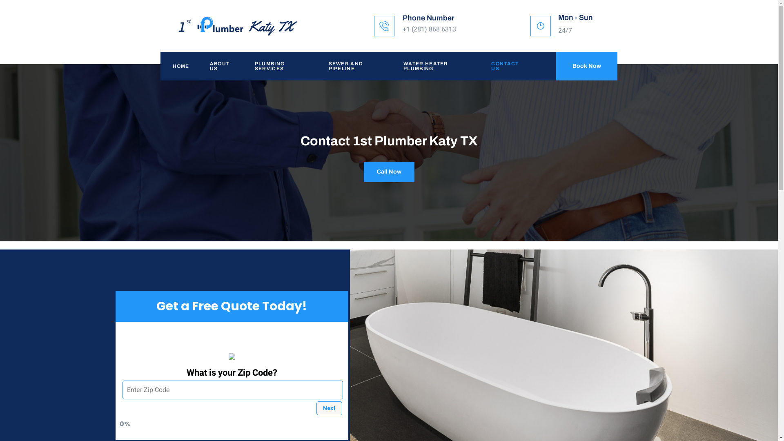 The image size is (784, 441). What do you see at coordinates (220, 66) in the screenshot?
I see `'ABOUT US'` at bounding box center [220, 66].